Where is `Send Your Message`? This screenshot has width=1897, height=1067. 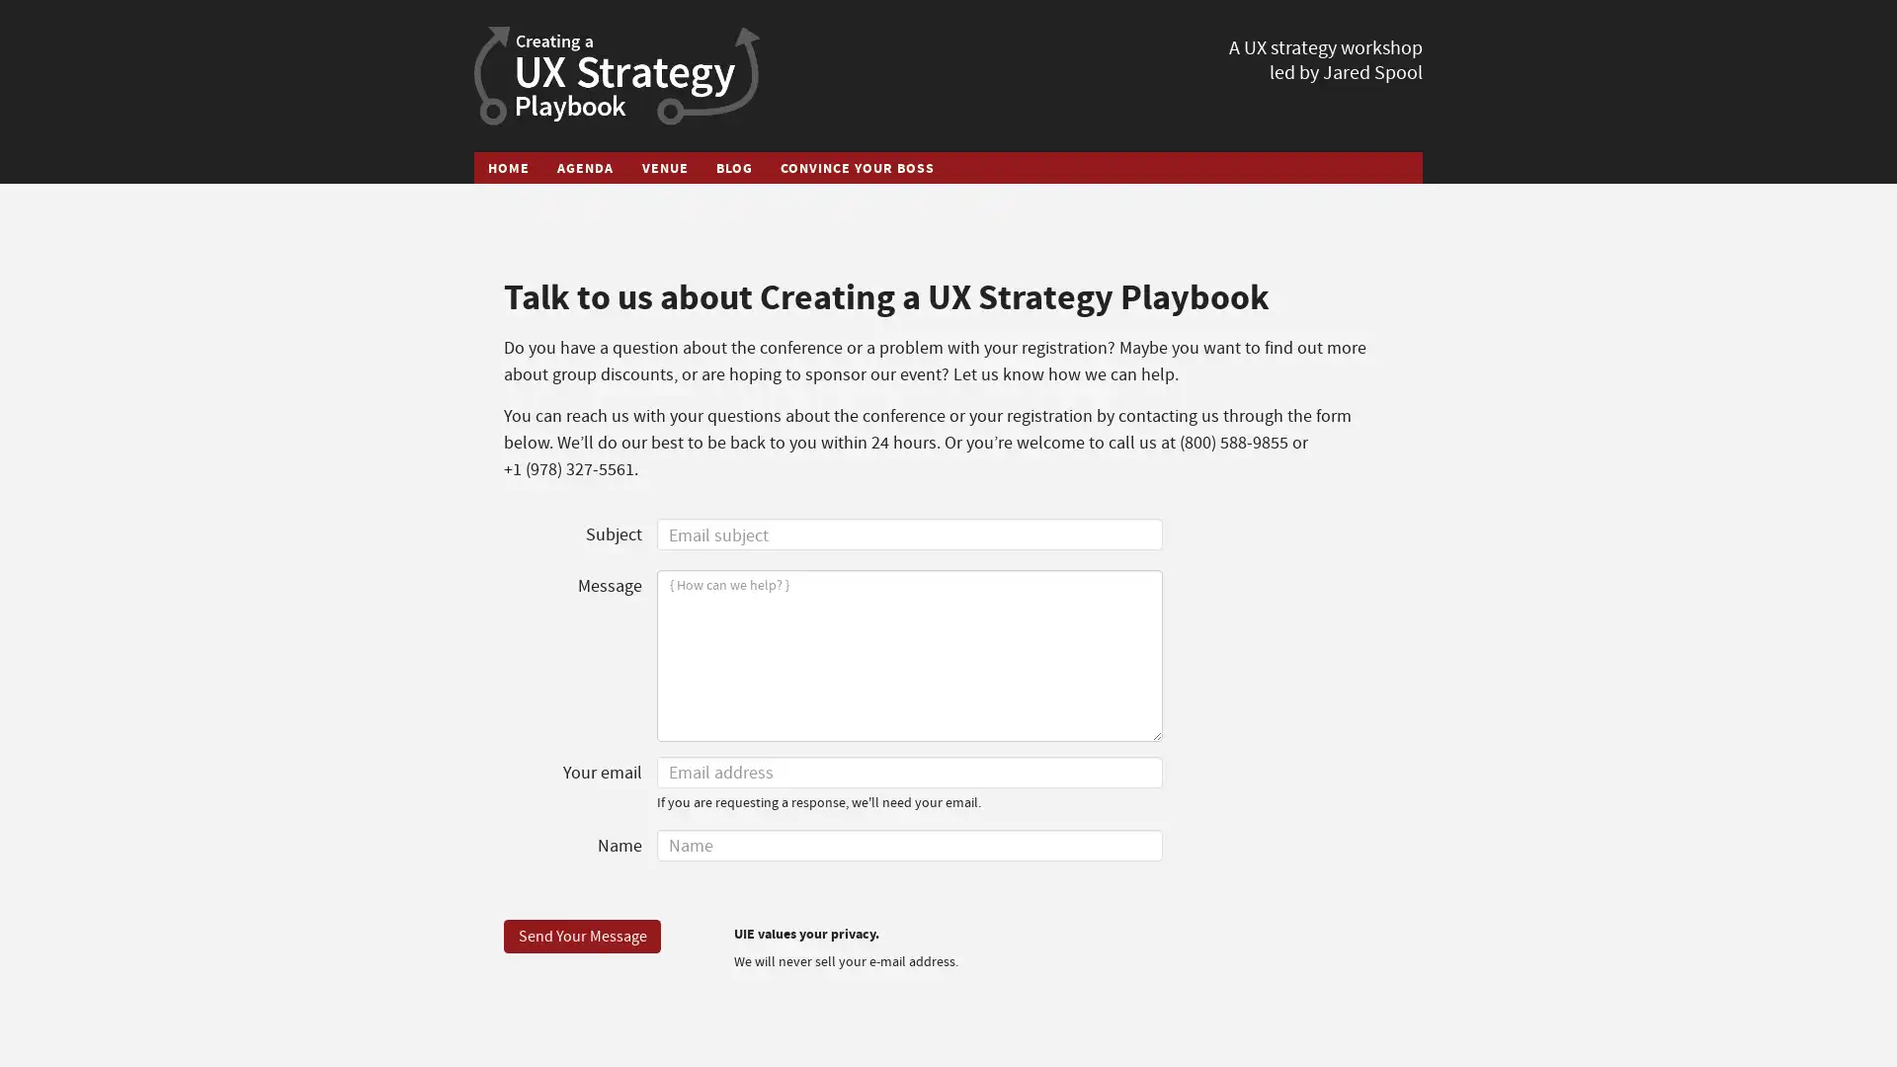 Send Your Message is located at coordinates (582, 1001).